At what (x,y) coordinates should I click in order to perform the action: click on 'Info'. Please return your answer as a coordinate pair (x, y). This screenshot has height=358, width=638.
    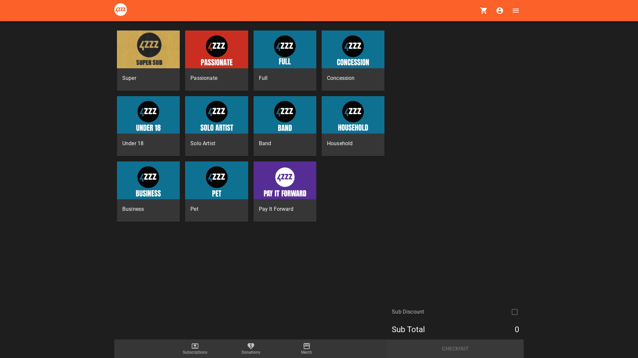
    Looking at the image, I should click on (114, 10).